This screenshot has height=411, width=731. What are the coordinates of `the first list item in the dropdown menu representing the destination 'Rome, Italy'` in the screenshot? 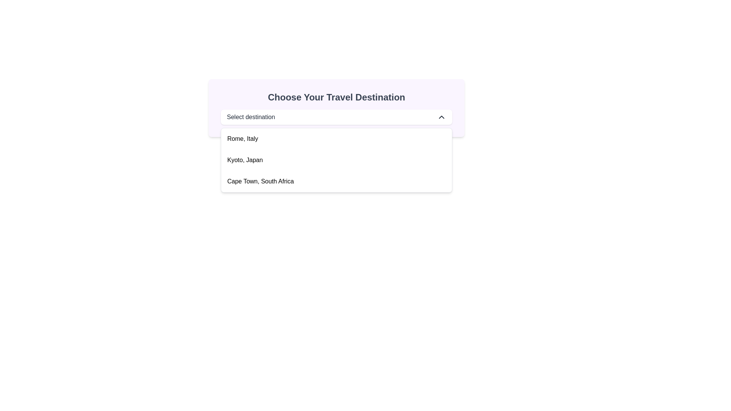 It's located at (336, 139).